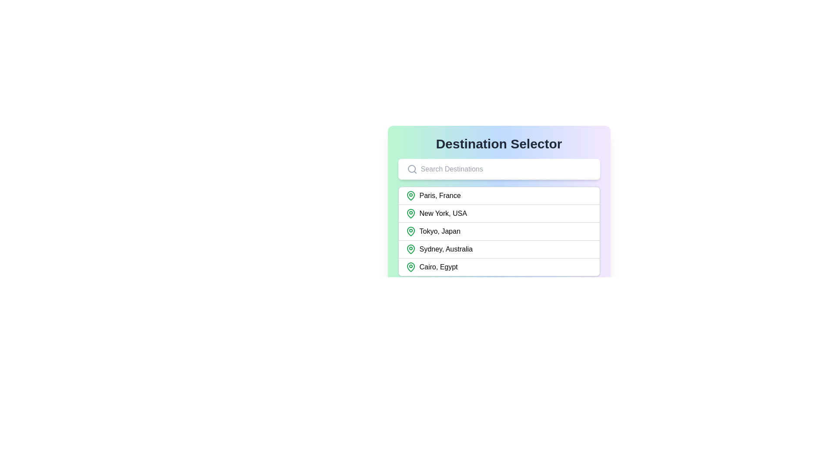  Describe the element at coordinates (499, 249) in the screenshot. I see `the interactive list item labeled 'Sydney, Australia'` at that location.